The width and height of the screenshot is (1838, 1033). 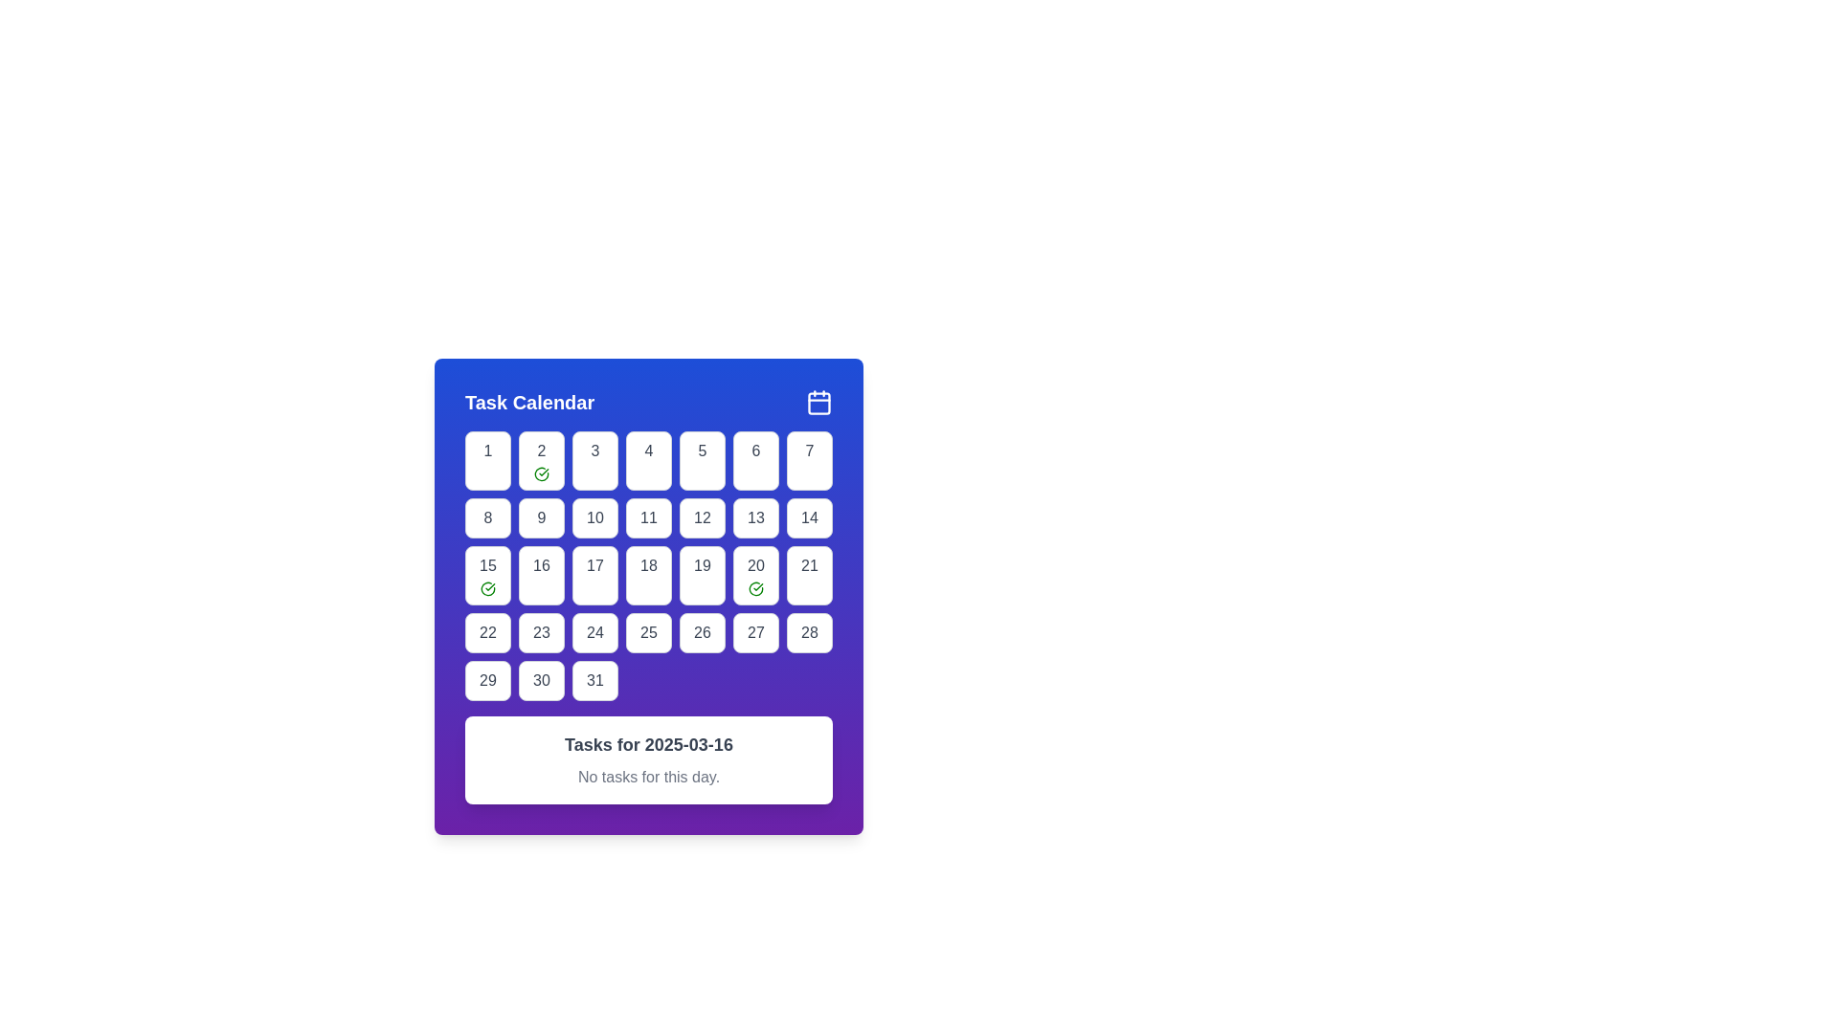 I want to click on the Calendar Day Box displaying the date '24', so click(x=594, y=633).